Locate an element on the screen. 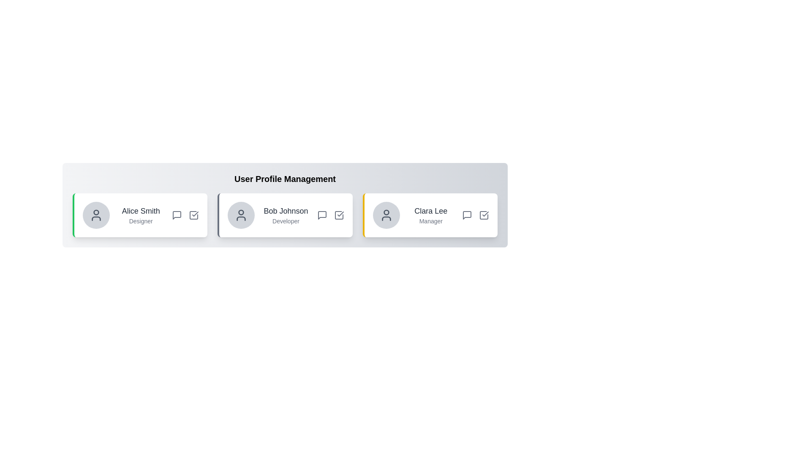  the Icon button located within the card for 'Alice Smith Designer', positioned right of the text 'Designer' and left of an edit icon is located at coordinates (177, 214).